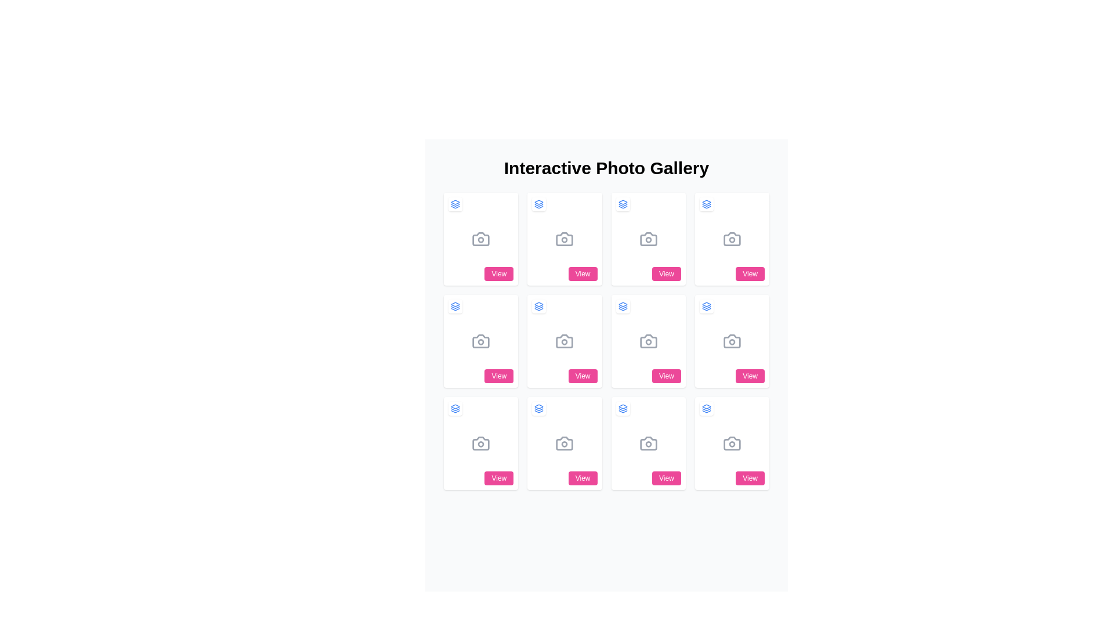 Image resolution: width=1114 pixels, height=627 pixels. Describe the element at coordinates (648, 340) in the screenshot. I see `the seventh card in the grid layout, which features a camera icon, a blue badge, and a pink 'View' button` at that location.